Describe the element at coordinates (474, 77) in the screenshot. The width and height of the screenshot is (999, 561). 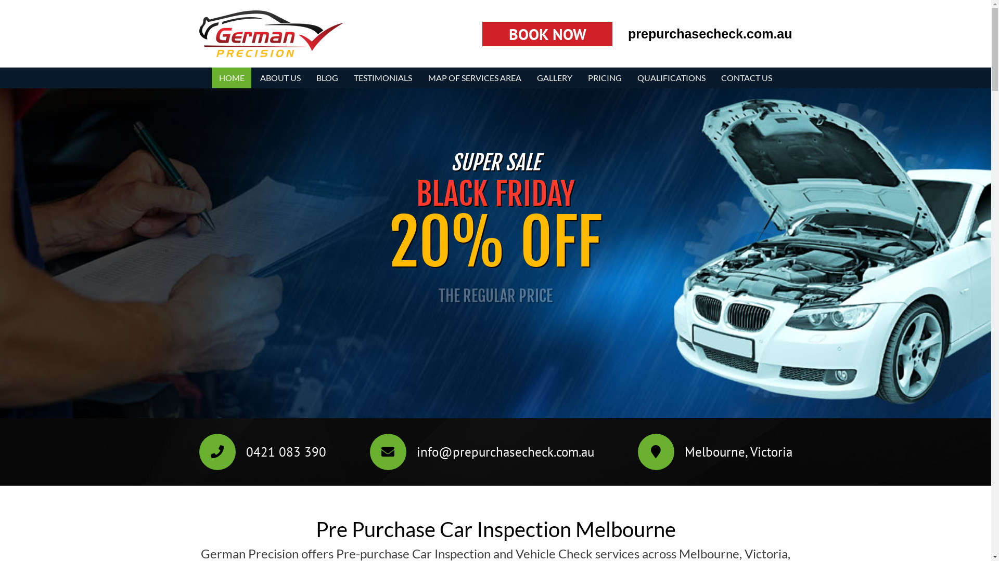
I see `'MAP OF SERVICES AREA'` at that location.